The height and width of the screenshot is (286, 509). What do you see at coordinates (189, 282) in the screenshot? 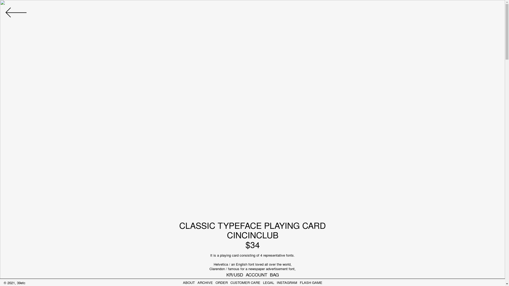
I see `'ABOUT'` at bounding box center [189, 282].